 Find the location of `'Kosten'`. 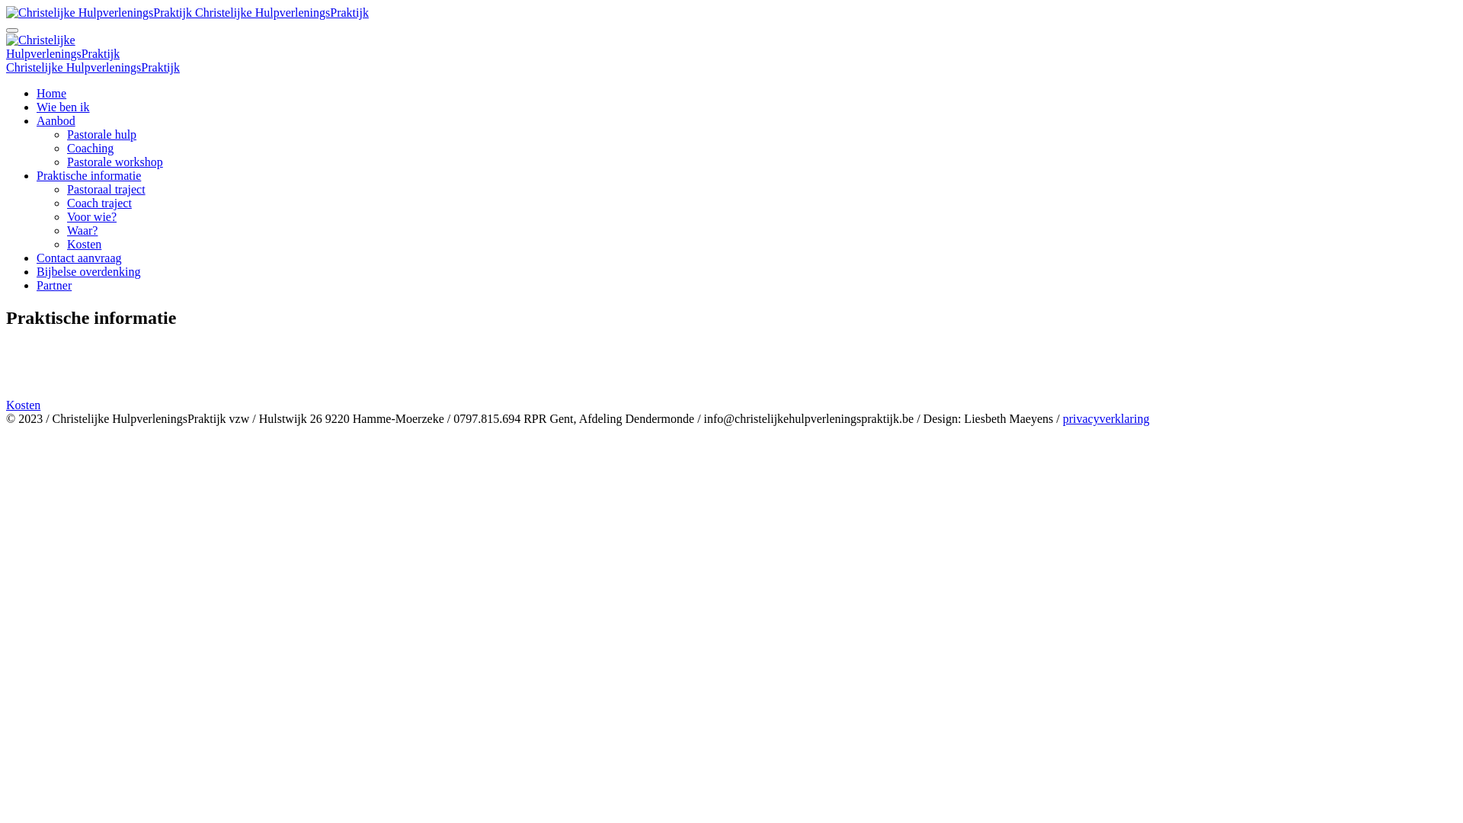

'Kosten' is located at coordinates (731, 405).